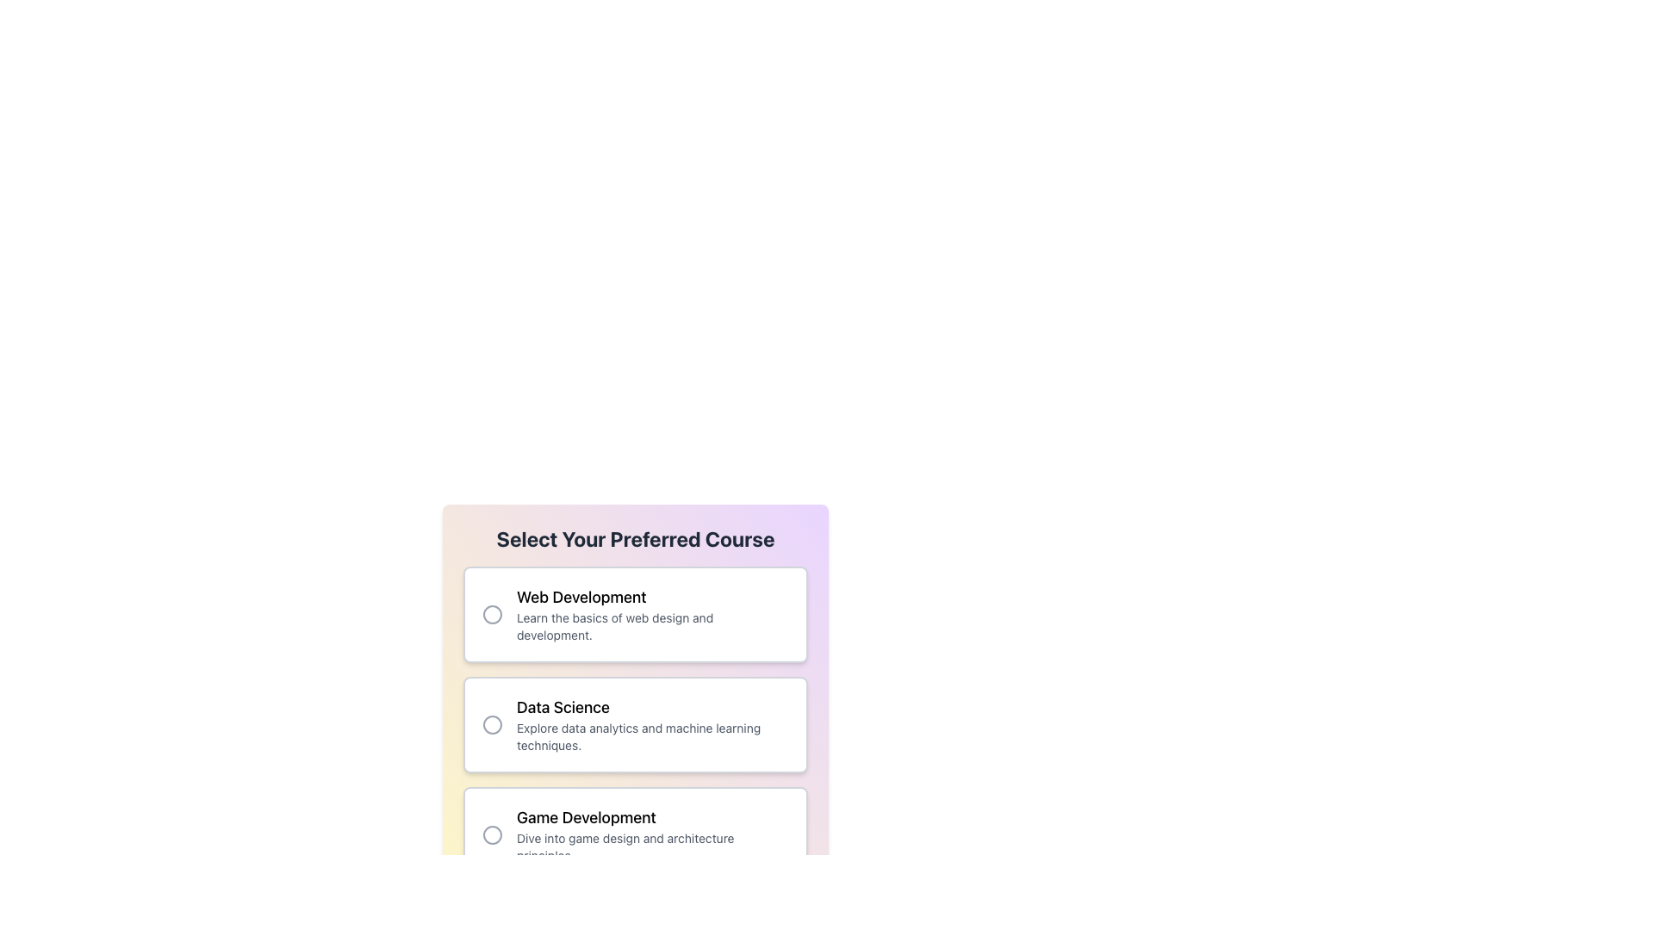  Describe the element at coordinates (635, 834) in the screenshot. I see `the 'Game Development' course card` at that location.